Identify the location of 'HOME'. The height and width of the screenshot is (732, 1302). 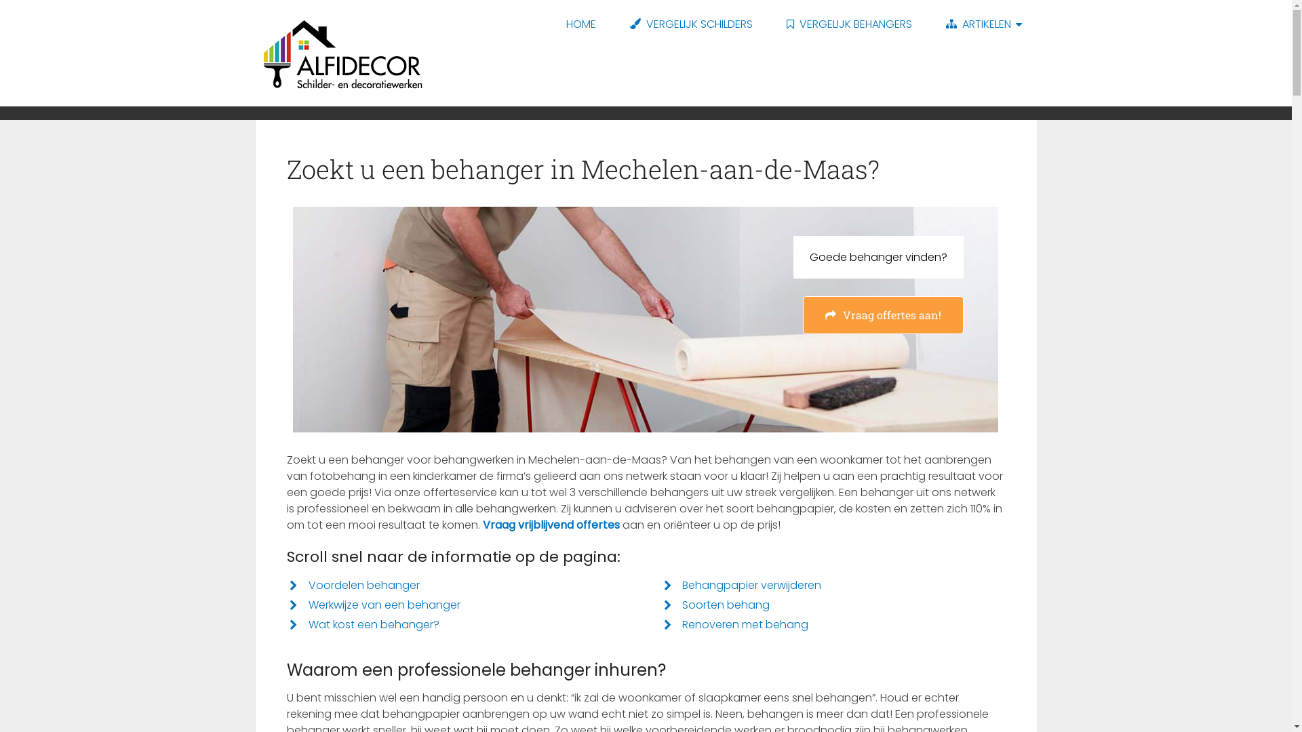
(549, 24).